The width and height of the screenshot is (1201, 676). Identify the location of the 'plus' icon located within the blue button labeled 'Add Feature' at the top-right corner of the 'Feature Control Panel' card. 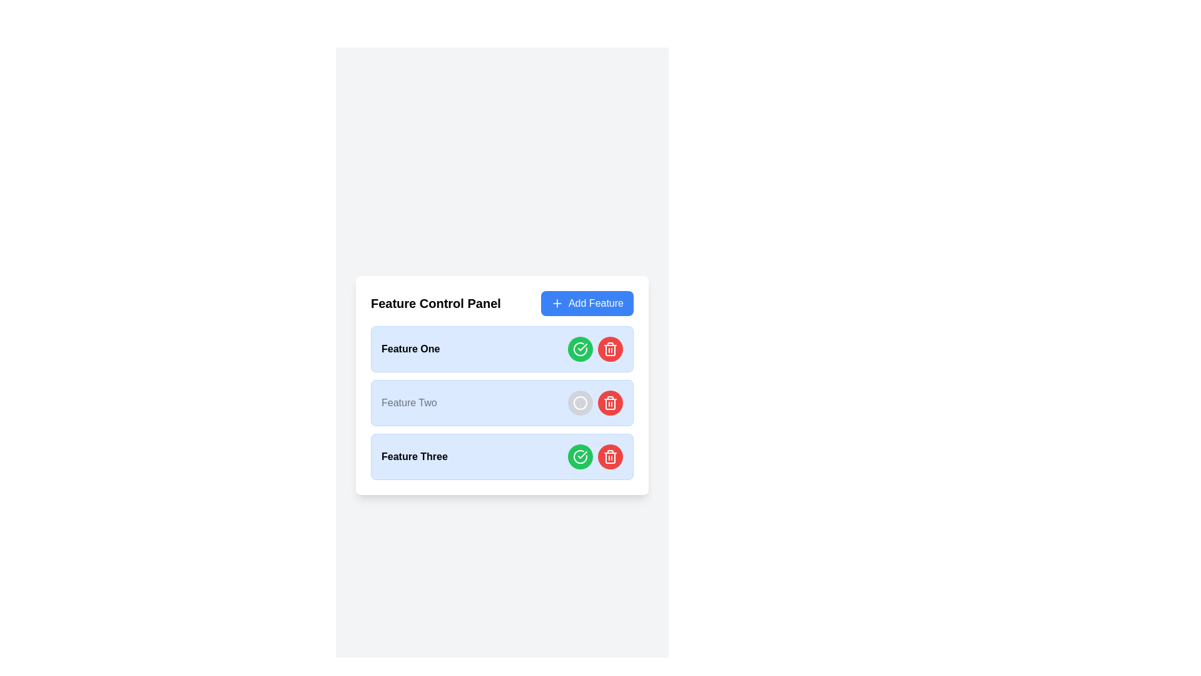
(556, 304).